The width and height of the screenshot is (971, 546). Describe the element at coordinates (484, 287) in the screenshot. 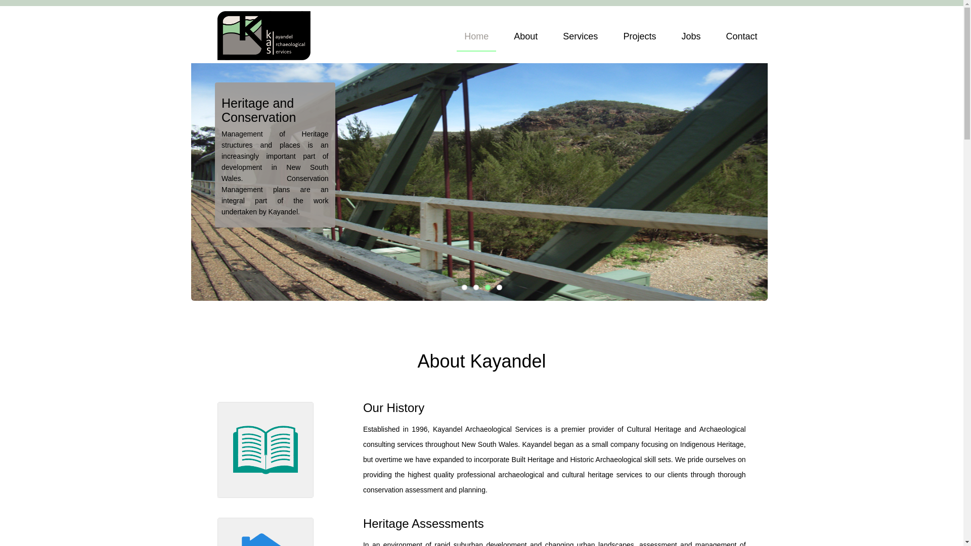

I see `'3'` at that location.